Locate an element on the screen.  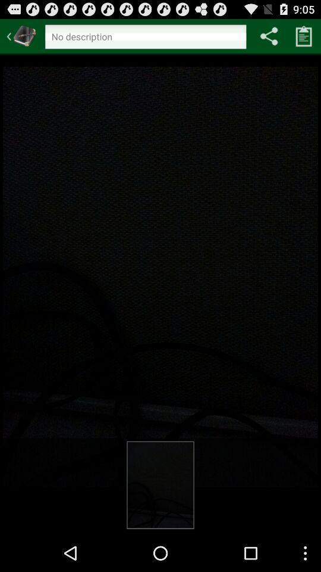
search term is located at coordinates (146, 38).